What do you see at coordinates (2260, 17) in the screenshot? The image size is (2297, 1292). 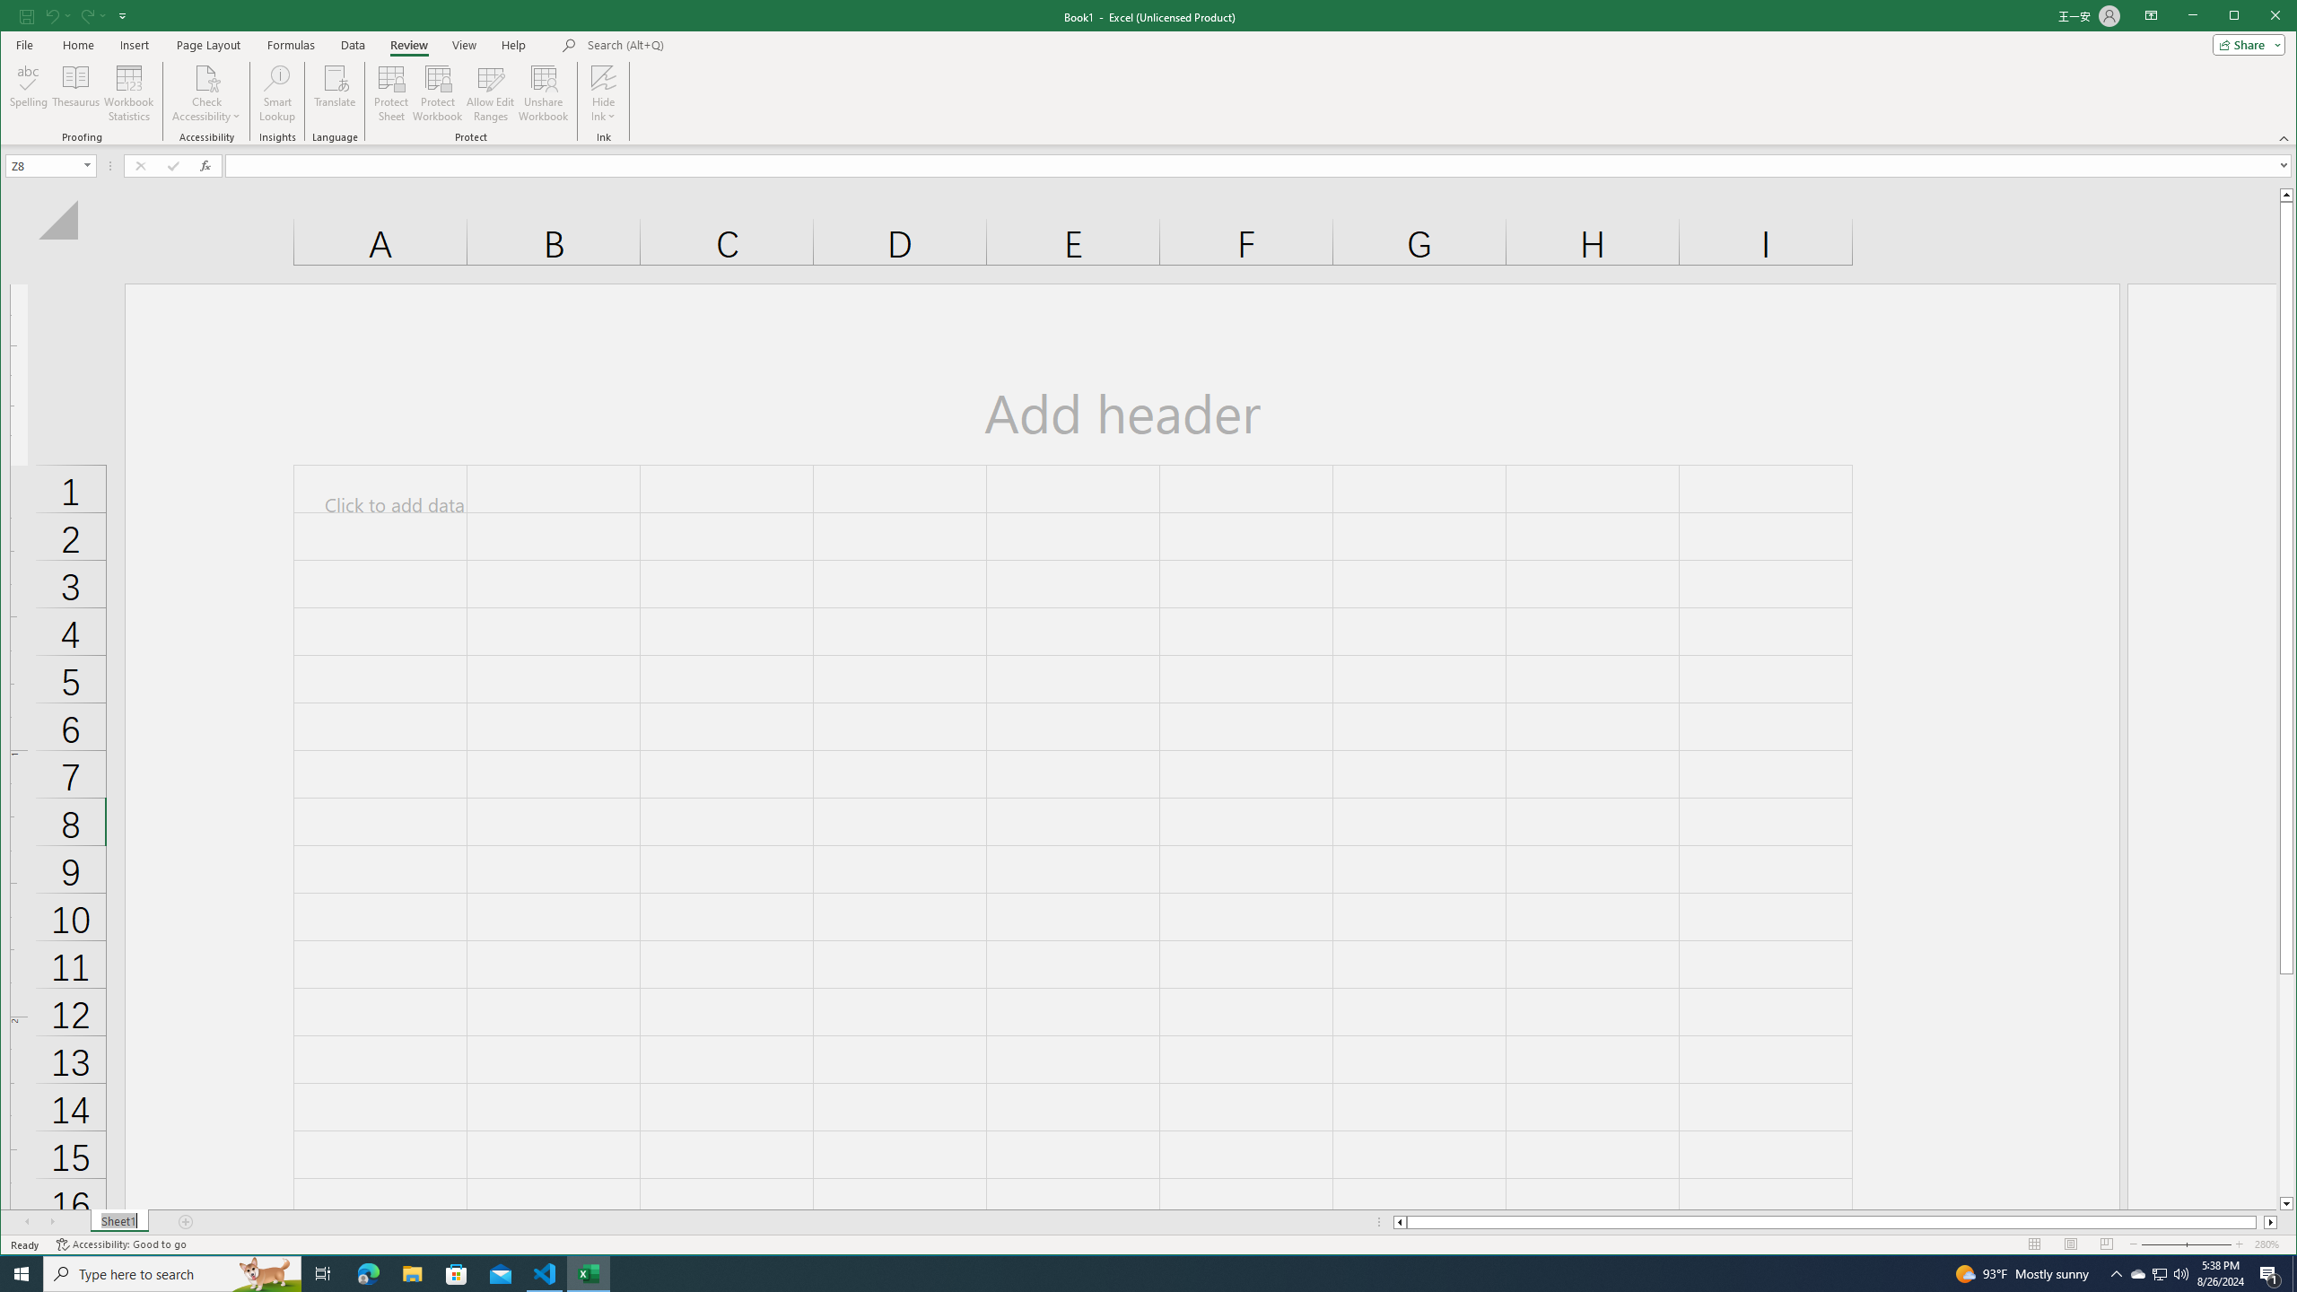 I see `'Maximize'` at bounding box center [2260, 17].